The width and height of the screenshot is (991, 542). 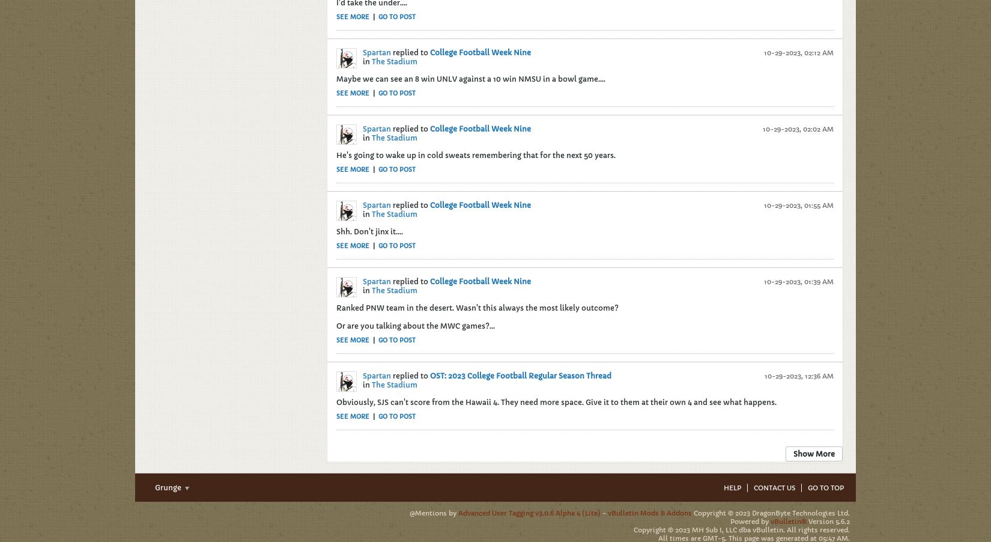 I want to click on 'Version 5.6.2', so click(x=828, y=521).